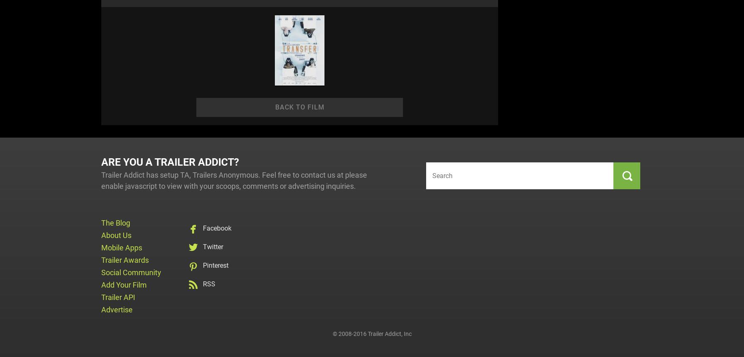 The height and width of the screenshot is (357, 744). I want to click on 'RSS', so click(208, 283).